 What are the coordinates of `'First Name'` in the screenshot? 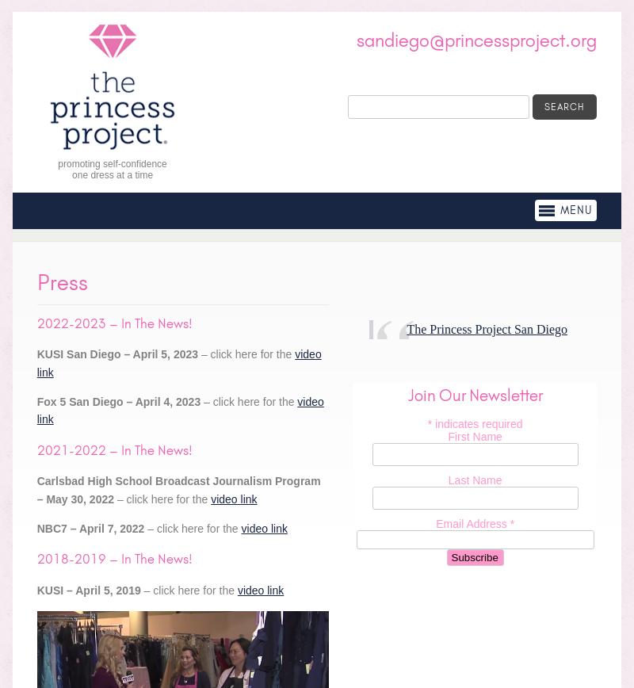 It's located at (474, 437).